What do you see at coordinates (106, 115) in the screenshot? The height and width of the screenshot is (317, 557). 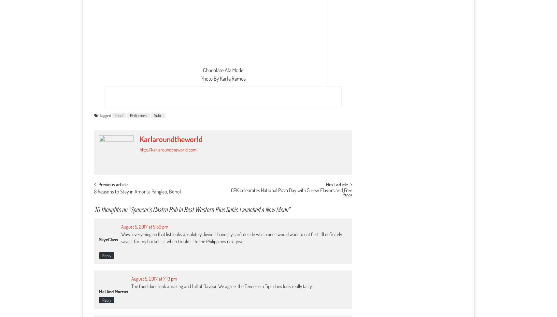 I see `'Tagged'` at bounding box center [106, 115].